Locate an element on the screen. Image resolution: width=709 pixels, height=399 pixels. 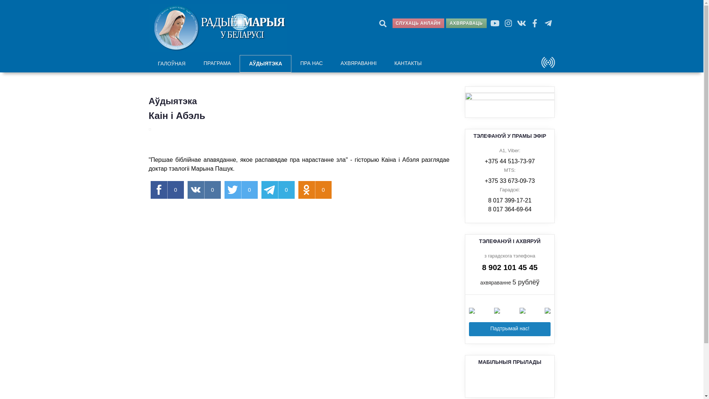
'Facebook' is located at coordinates (535, 23).